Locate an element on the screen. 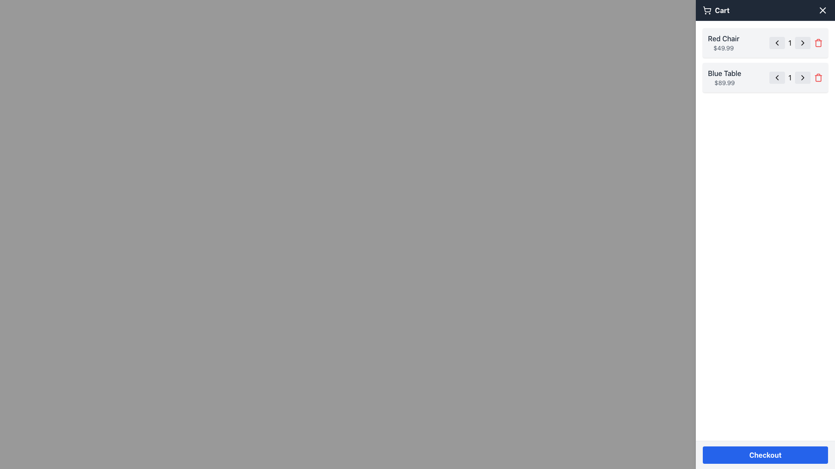 Image resolution: width=835 pixels, height=469 pixels. the icon button with a chevron pointing to the right, styled with stroke-based outlines, located in the 'Blue Table' item controls in the cart is located at coordinates (802, 77).